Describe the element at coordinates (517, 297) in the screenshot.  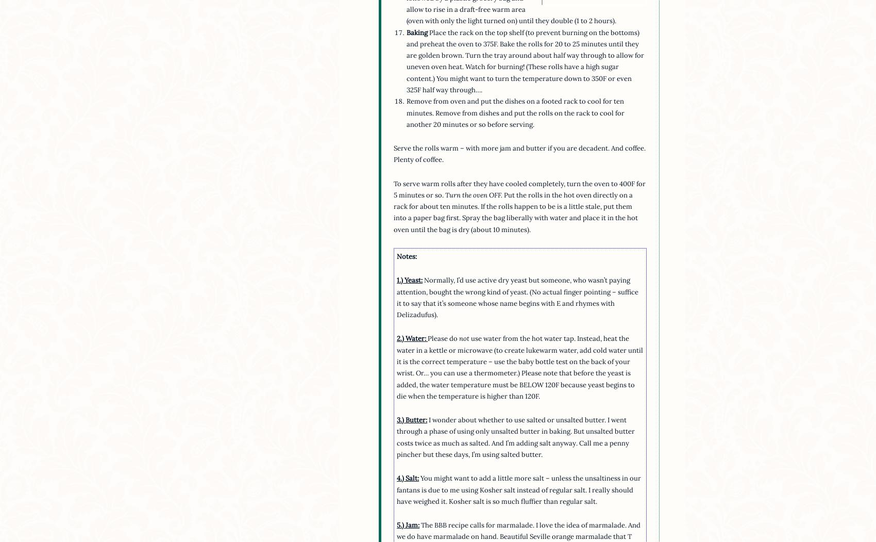
I see `'Normally, I’d use active dry yeast but someone, who wasn’t paying attention, bought the wrong kind of yeast. (No actual finger pointing – suffice it to say that it’s someone whose name begins with E and rhymes with Delizadufus).'` at that location.